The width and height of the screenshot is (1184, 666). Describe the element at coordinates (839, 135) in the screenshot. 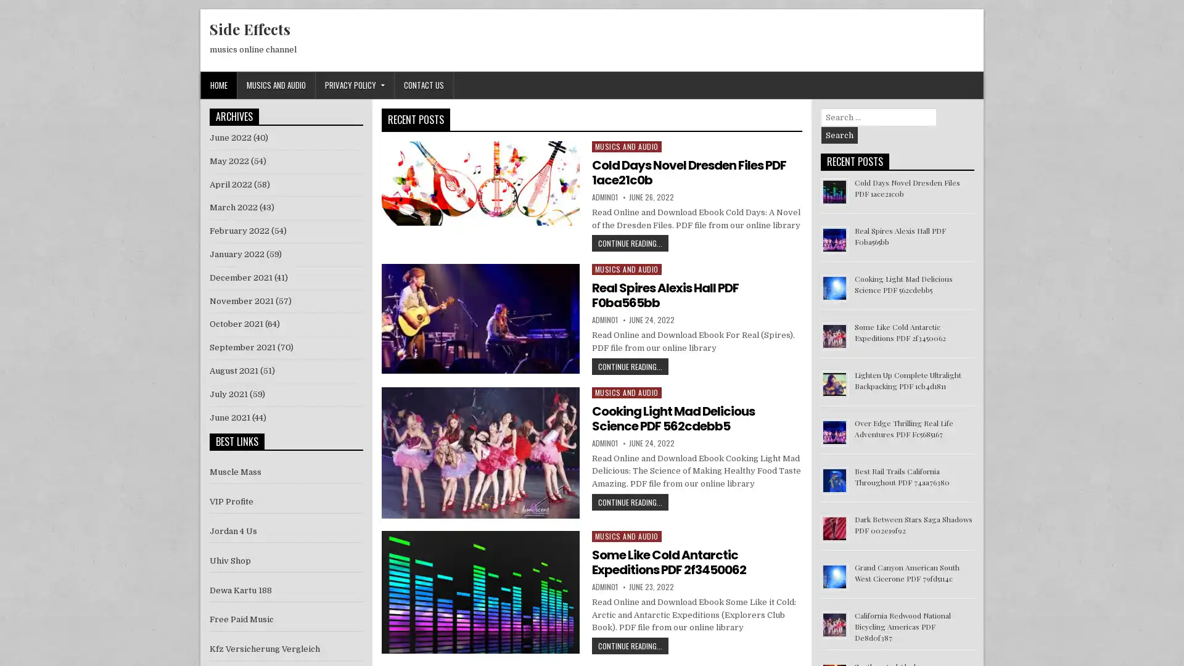

I see `Search` at that location.